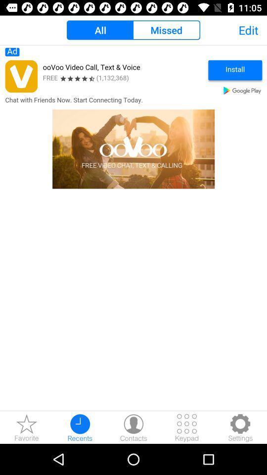 Image resolution: width=267 pixels, height=475 pixels. I want to click on the dialpad icon, so click(187, 427).